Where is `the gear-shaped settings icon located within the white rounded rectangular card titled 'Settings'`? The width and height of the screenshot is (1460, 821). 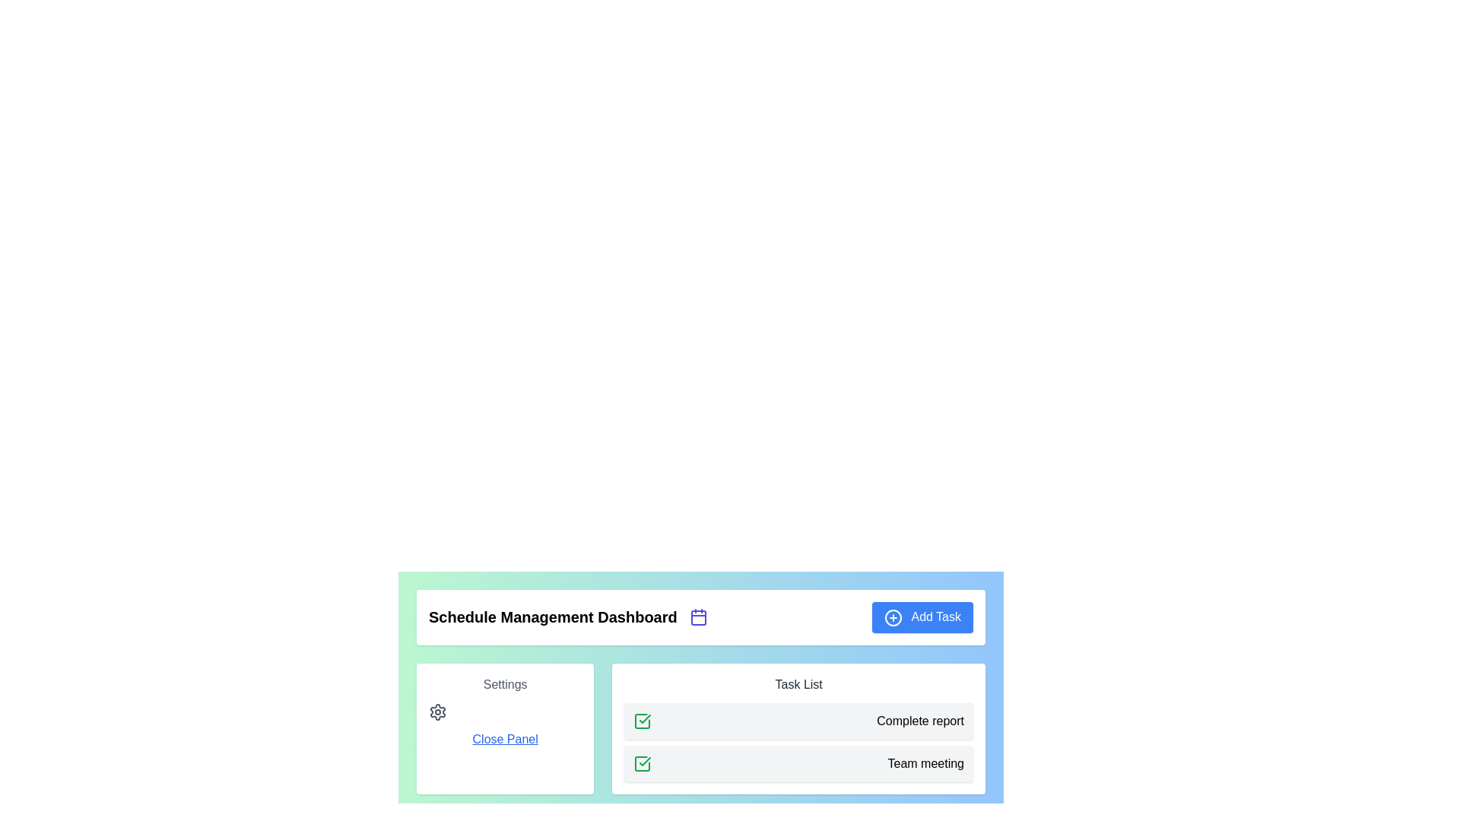
the gear-shaped settings icon located within the white rounded rectangular card titled 'Settings' is located at coordinates (437, 712).